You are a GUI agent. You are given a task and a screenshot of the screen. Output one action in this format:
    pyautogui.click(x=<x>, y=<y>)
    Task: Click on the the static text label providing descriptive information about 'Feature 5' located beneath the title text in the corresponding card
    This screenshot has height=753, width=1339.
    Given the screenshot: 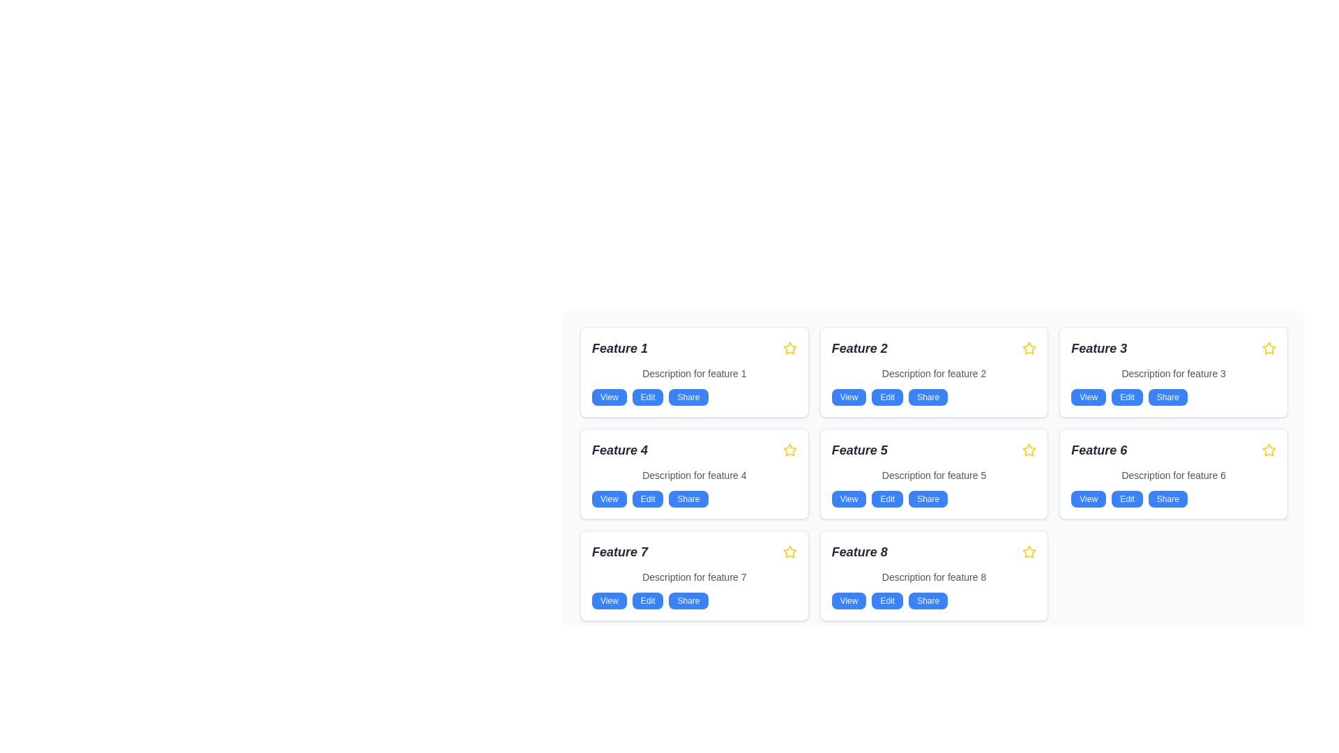 What is the action you would take?
    pyautogui.click(x=934, y=475)
    